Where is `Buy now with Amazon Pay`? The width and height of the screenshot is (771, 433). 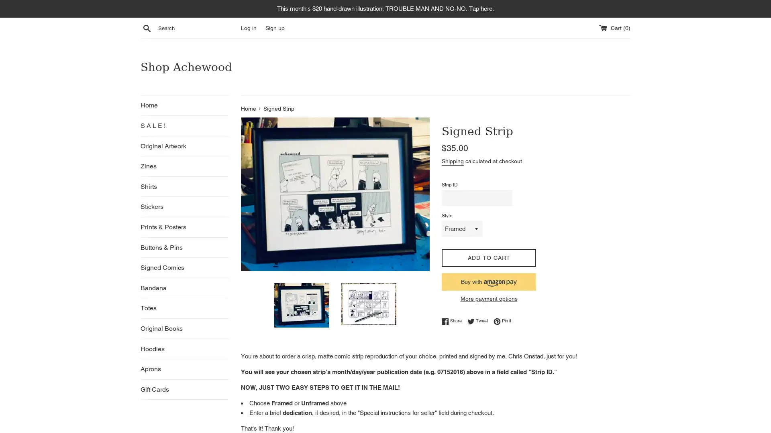 Buy now with Amazon Pay is located at coordinates (488, 281).